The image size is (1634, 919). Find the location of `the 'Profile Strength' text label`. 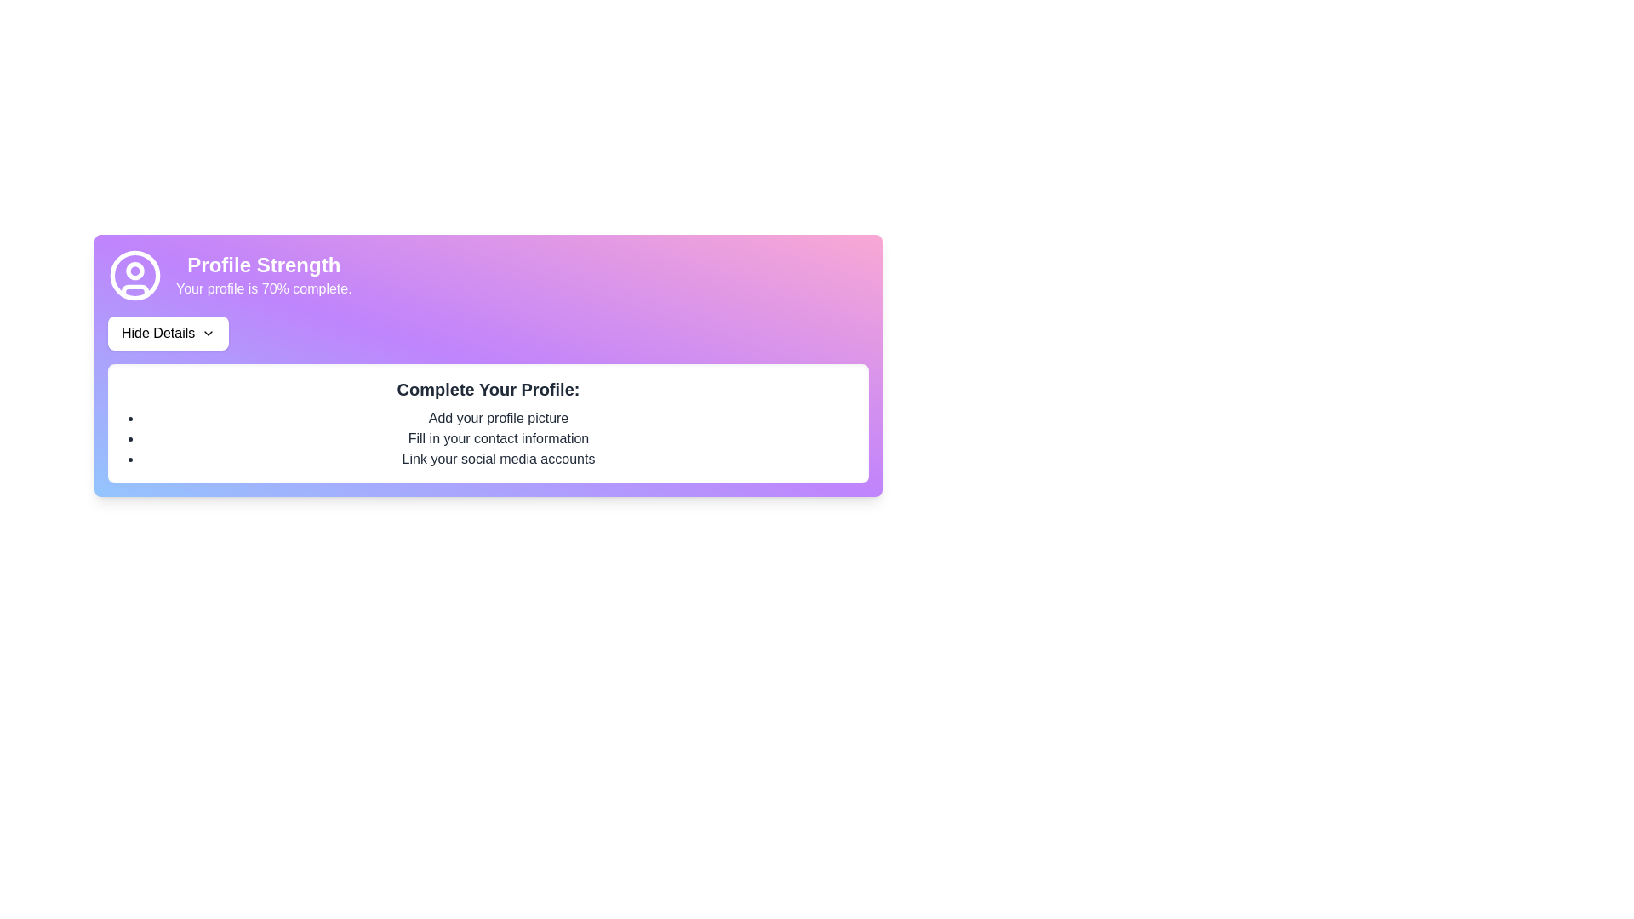

the 'Profile Strength' text label is located at coordinates (263, 275).